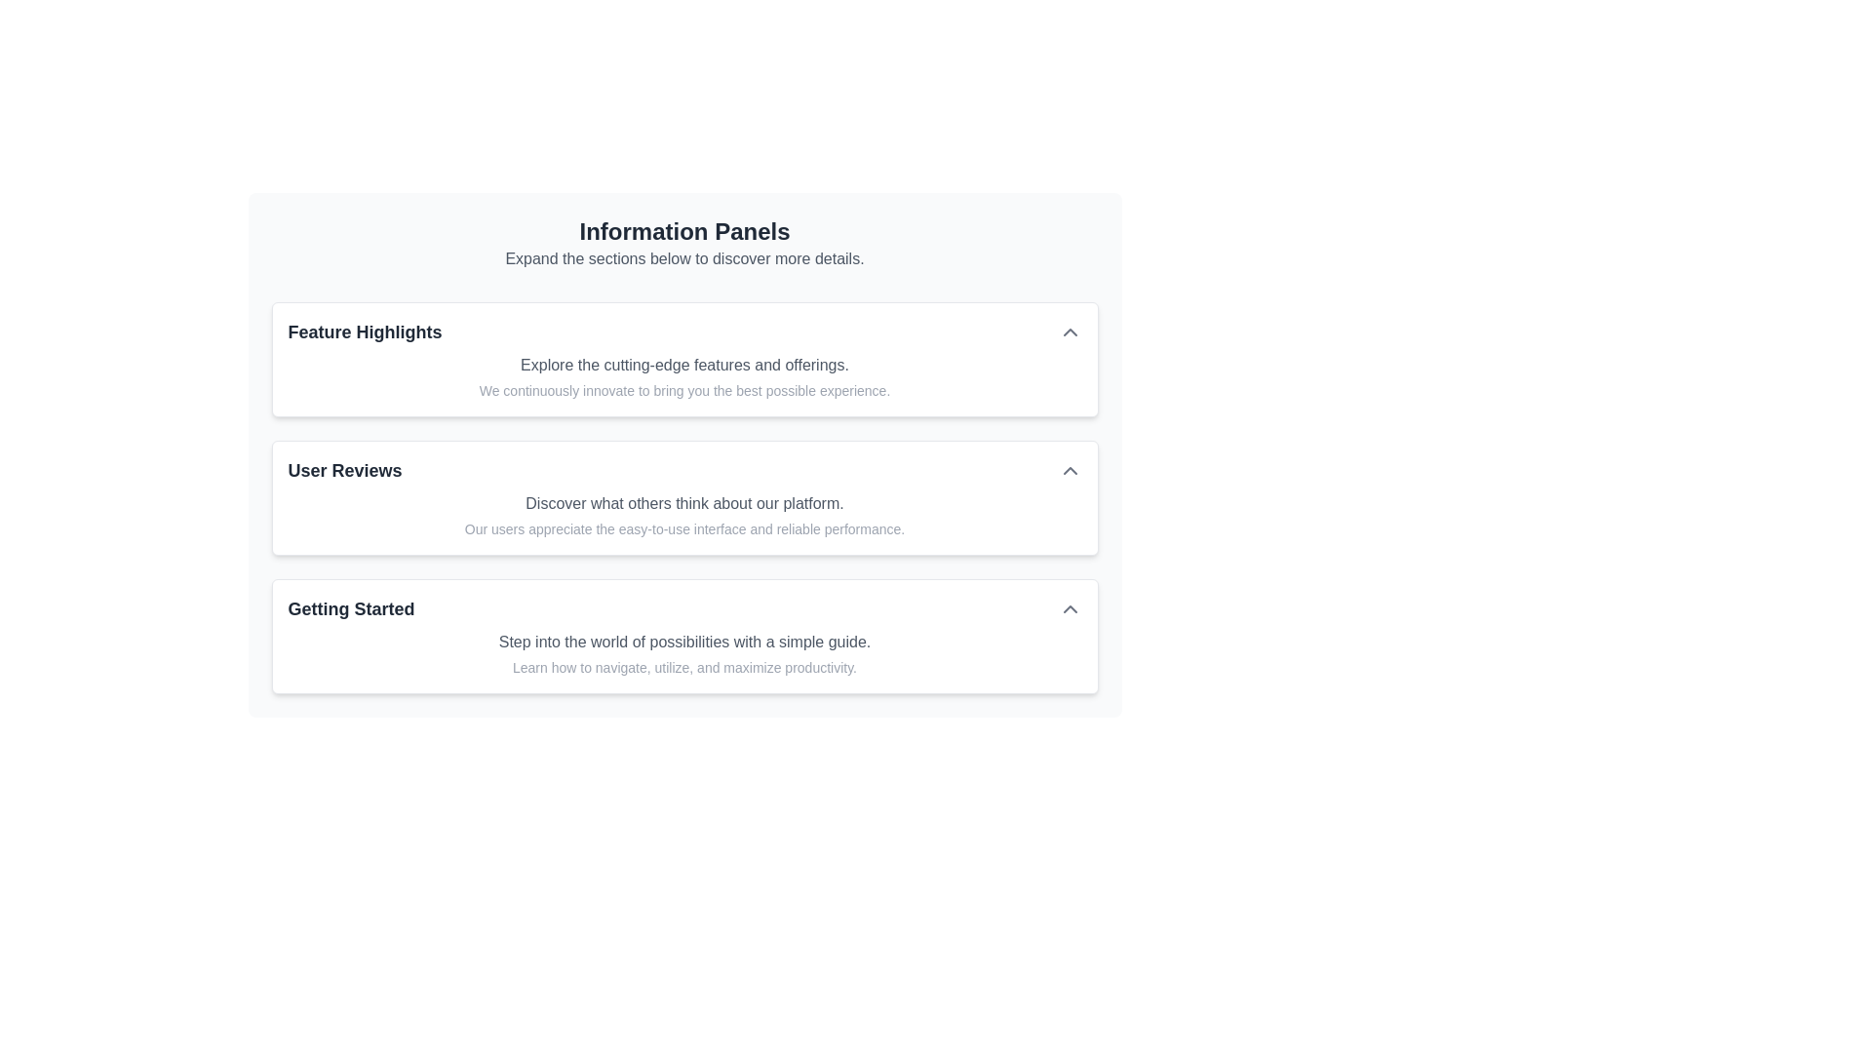 This screenshot has width=1872, height=1053. What do you see at coordinates (684, 529) in the screenshot?
I see `the text block that contains the content 'Our users appreciate the easy-to-use interface and reliable performance.' which is located within the 'User Reviews' card` at bounding box center [684, 529].